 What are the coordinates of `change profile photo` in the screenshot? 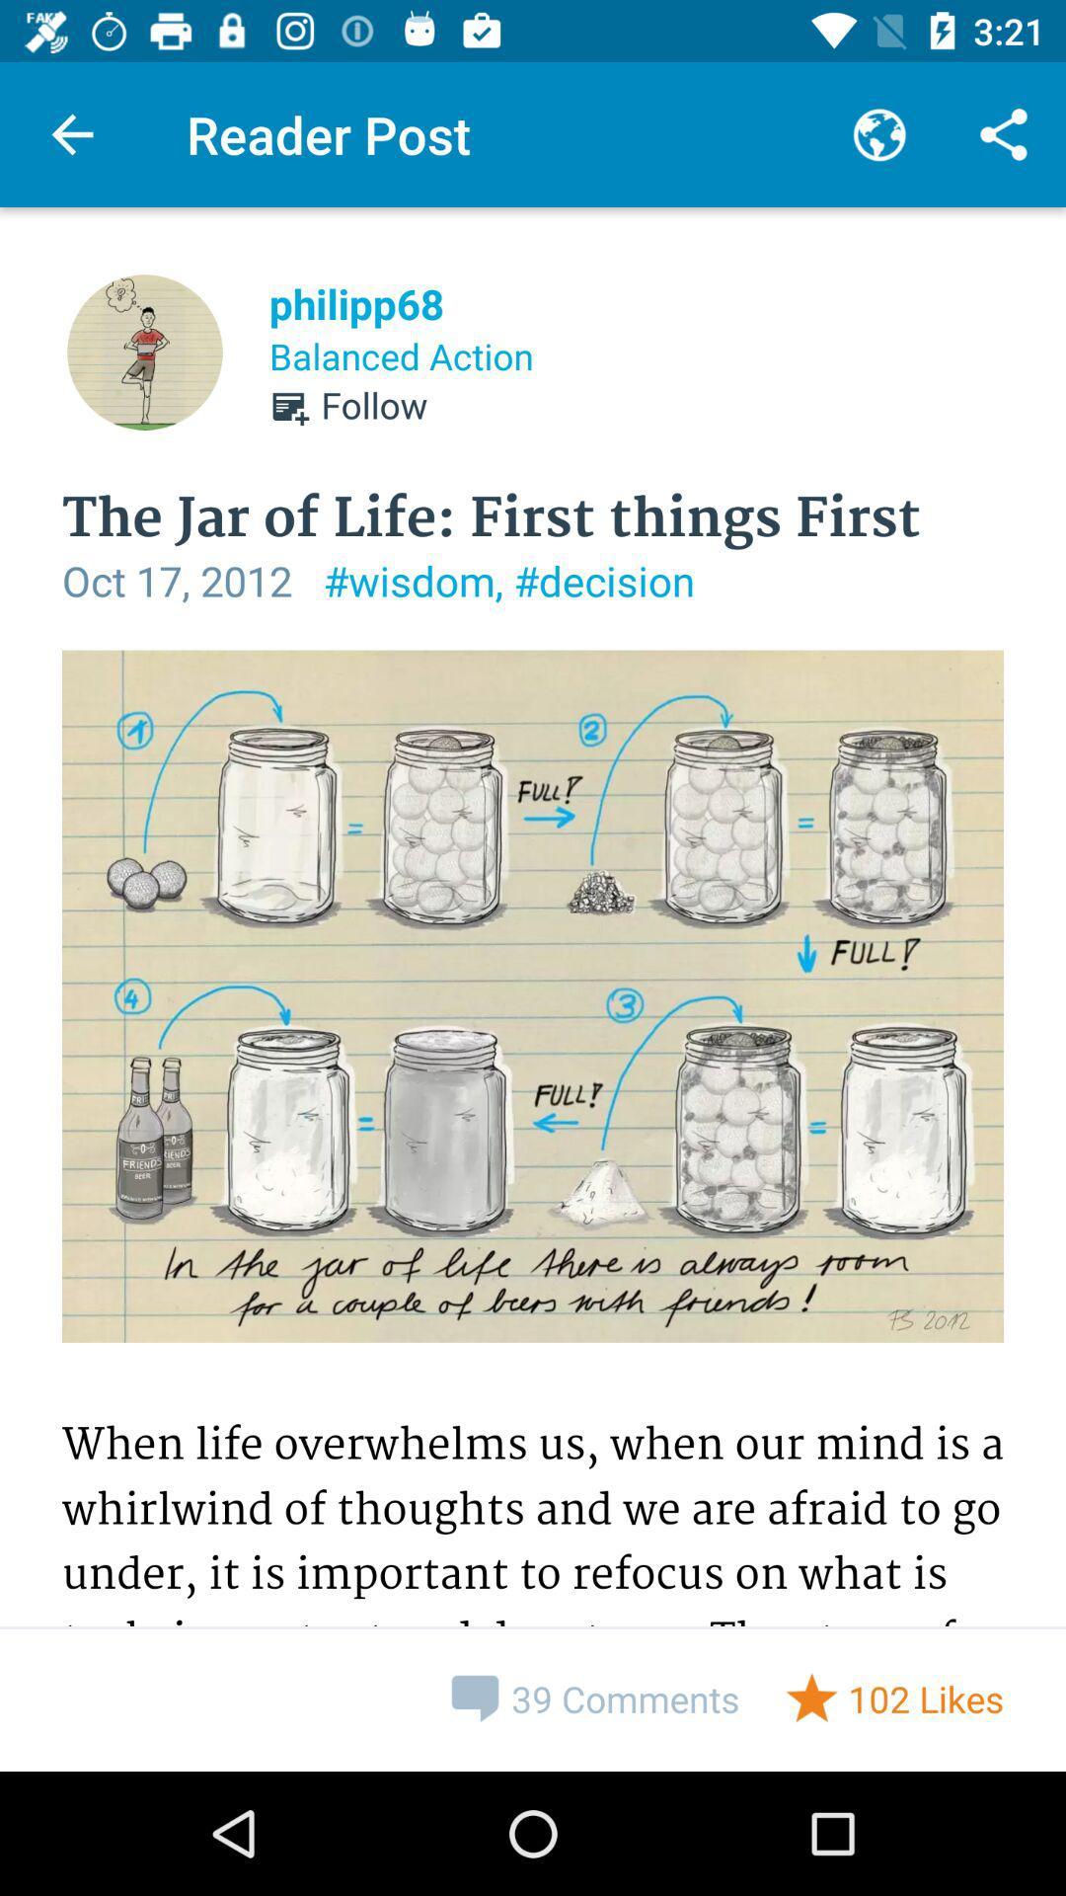 It's located at (143, 352).